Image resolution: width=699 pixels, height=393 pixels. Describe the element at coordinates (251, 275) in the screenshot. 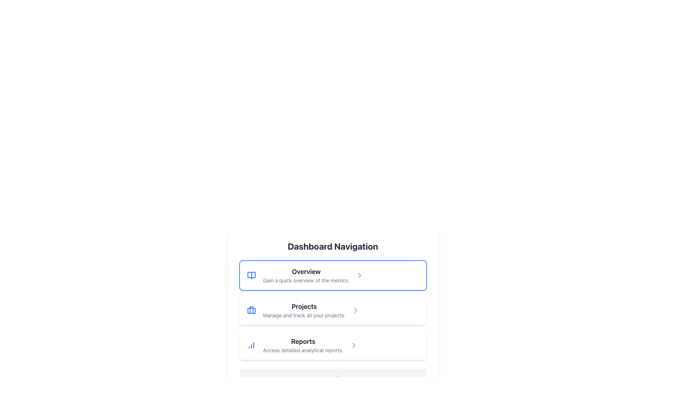

I see `the 'Overview' navigation icon located in the top-left region of the navigation items` at that location.